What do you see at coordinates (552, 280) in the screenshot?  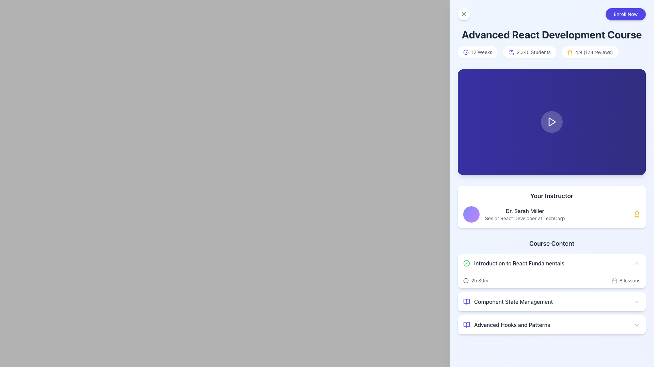 I see `information displayed in the Information Display section under the 'Introduction to React Fundamentals', which shows the duration and number of lessons` at bounding box center [552, 280].